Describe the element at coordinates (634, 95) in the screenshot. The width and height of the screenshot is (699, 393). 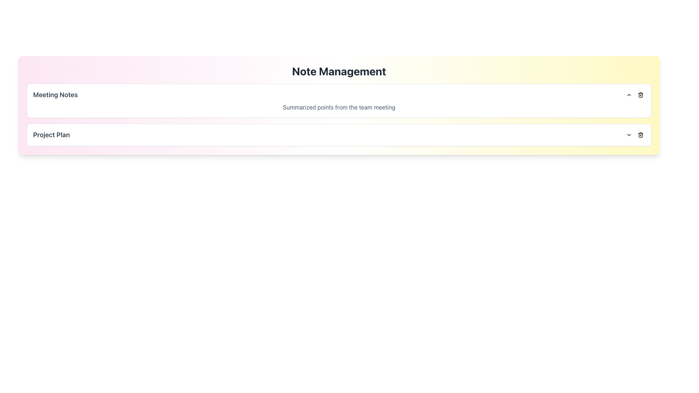
I see `the trash bin icon located at the extreme right of the 'Meeting Notes' section to initiate a deletion action` at that location.